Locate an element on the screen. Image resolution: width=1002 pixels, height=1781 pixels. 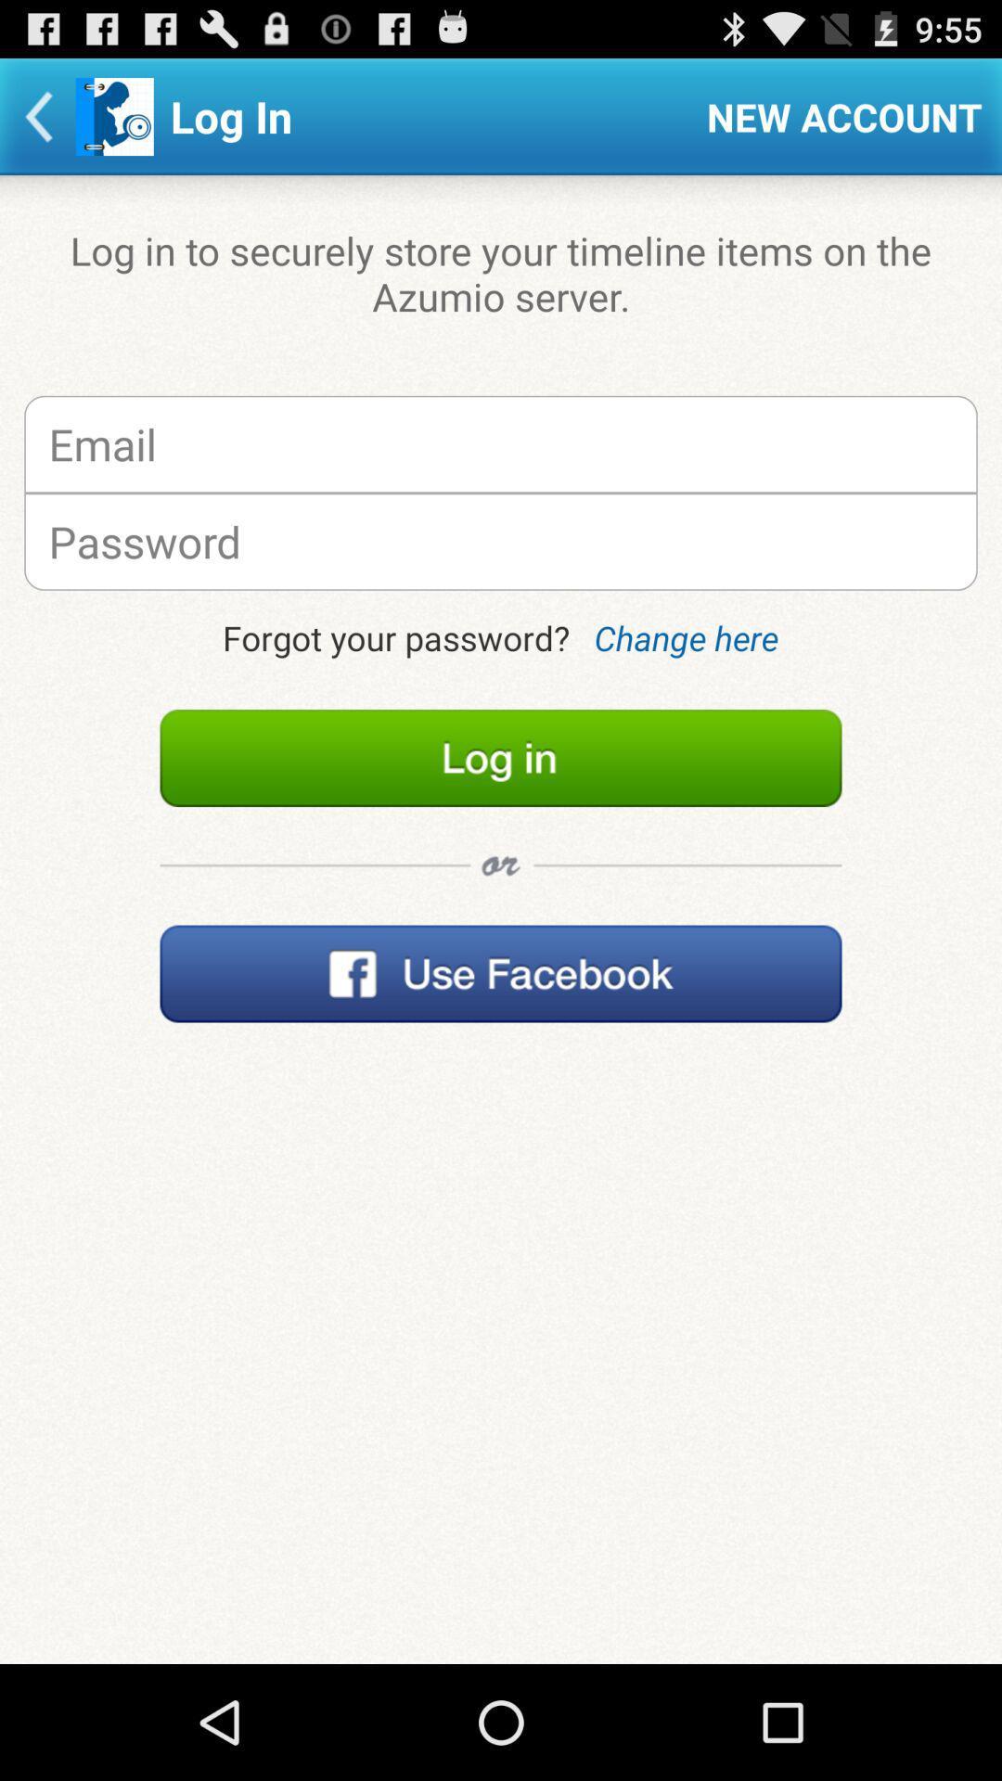
the item at the top right corner is located at coordinates (844, 115).